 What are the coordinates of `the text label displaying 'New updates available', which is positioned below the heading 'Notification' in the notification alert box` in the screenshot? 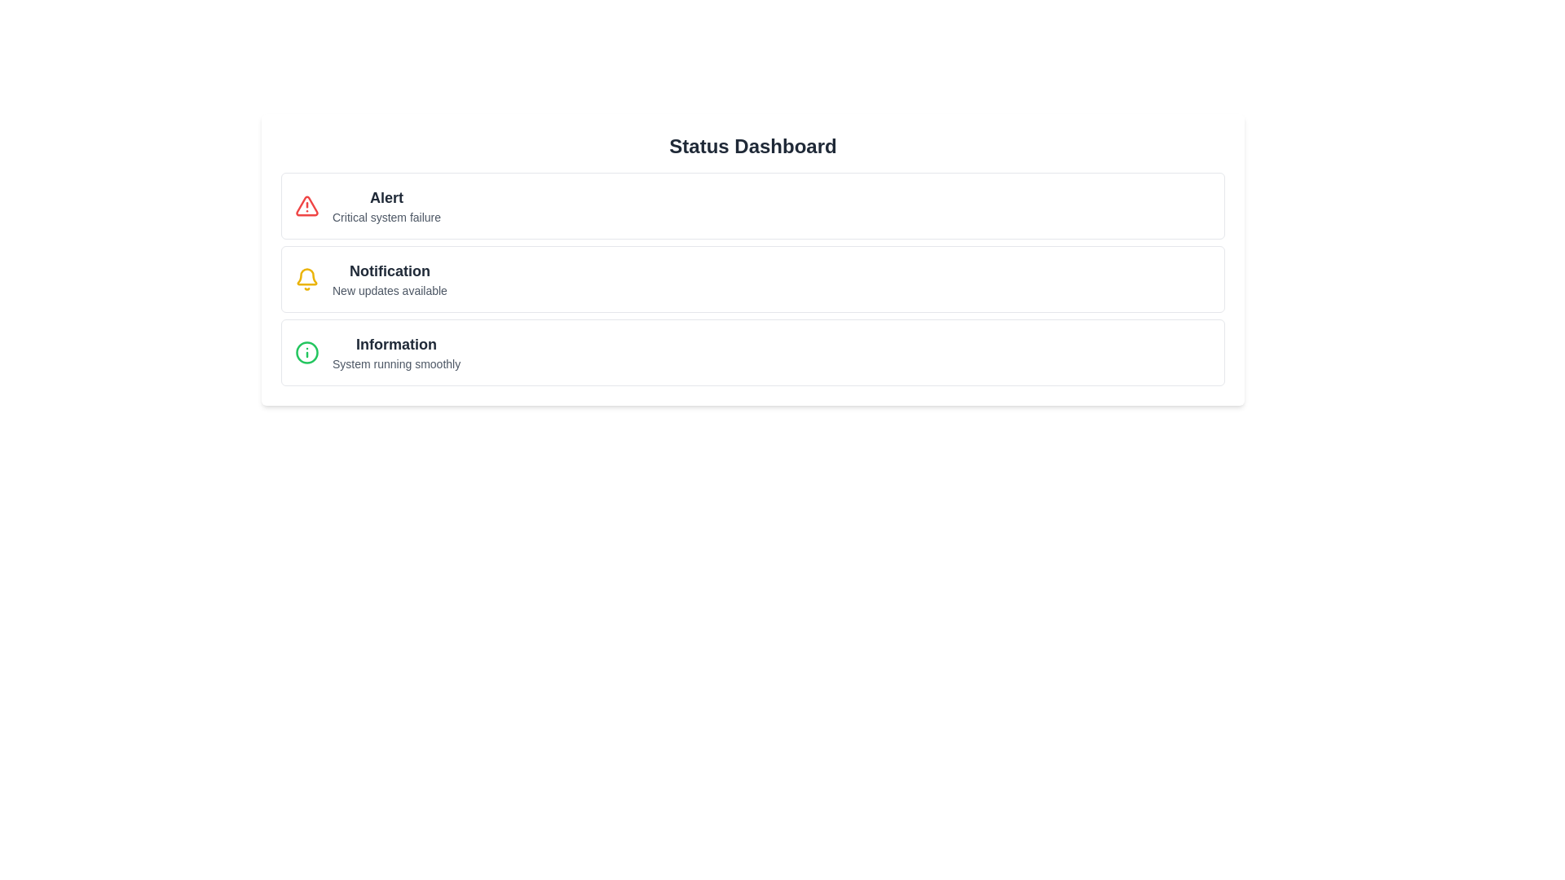 It's located at (389, 290).